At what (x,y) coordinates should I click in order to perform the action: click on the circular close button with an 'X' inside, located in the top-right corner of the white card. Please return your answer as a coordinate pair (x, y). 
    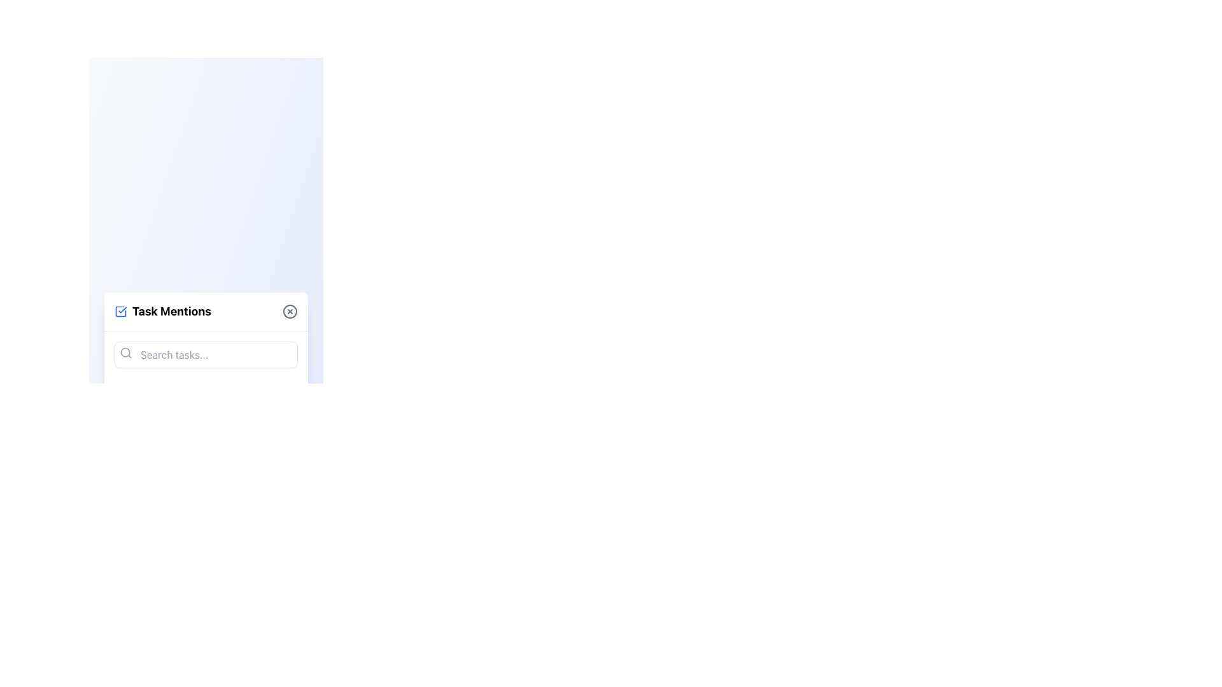
    Looking at the image, I should click on (290, 311).